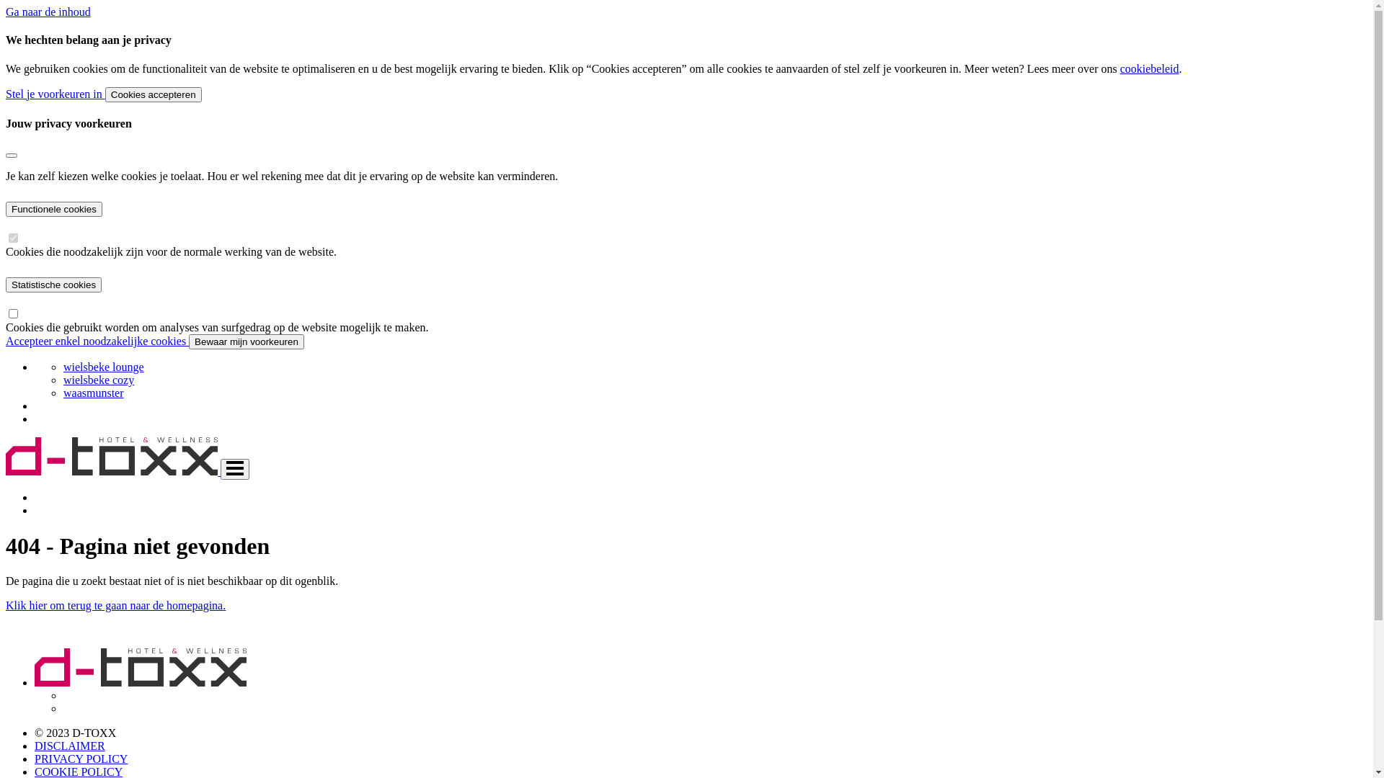 The width and height of the screenshot is (1384, 778). Describe the element at coordinates (55, 94) in the screenshot. I see `'Stel je voorkeuren in'` at that location.